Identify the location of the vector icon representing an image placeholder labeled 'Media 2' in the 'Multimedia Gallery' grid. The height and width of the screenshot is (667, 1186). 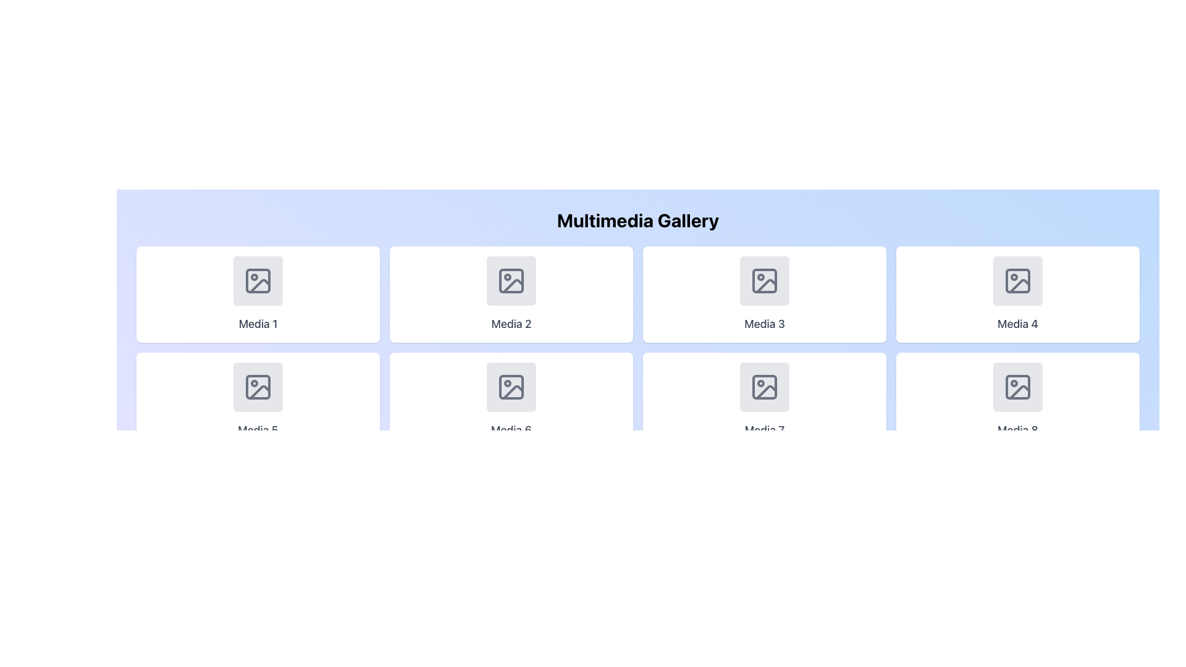
(511, 281).